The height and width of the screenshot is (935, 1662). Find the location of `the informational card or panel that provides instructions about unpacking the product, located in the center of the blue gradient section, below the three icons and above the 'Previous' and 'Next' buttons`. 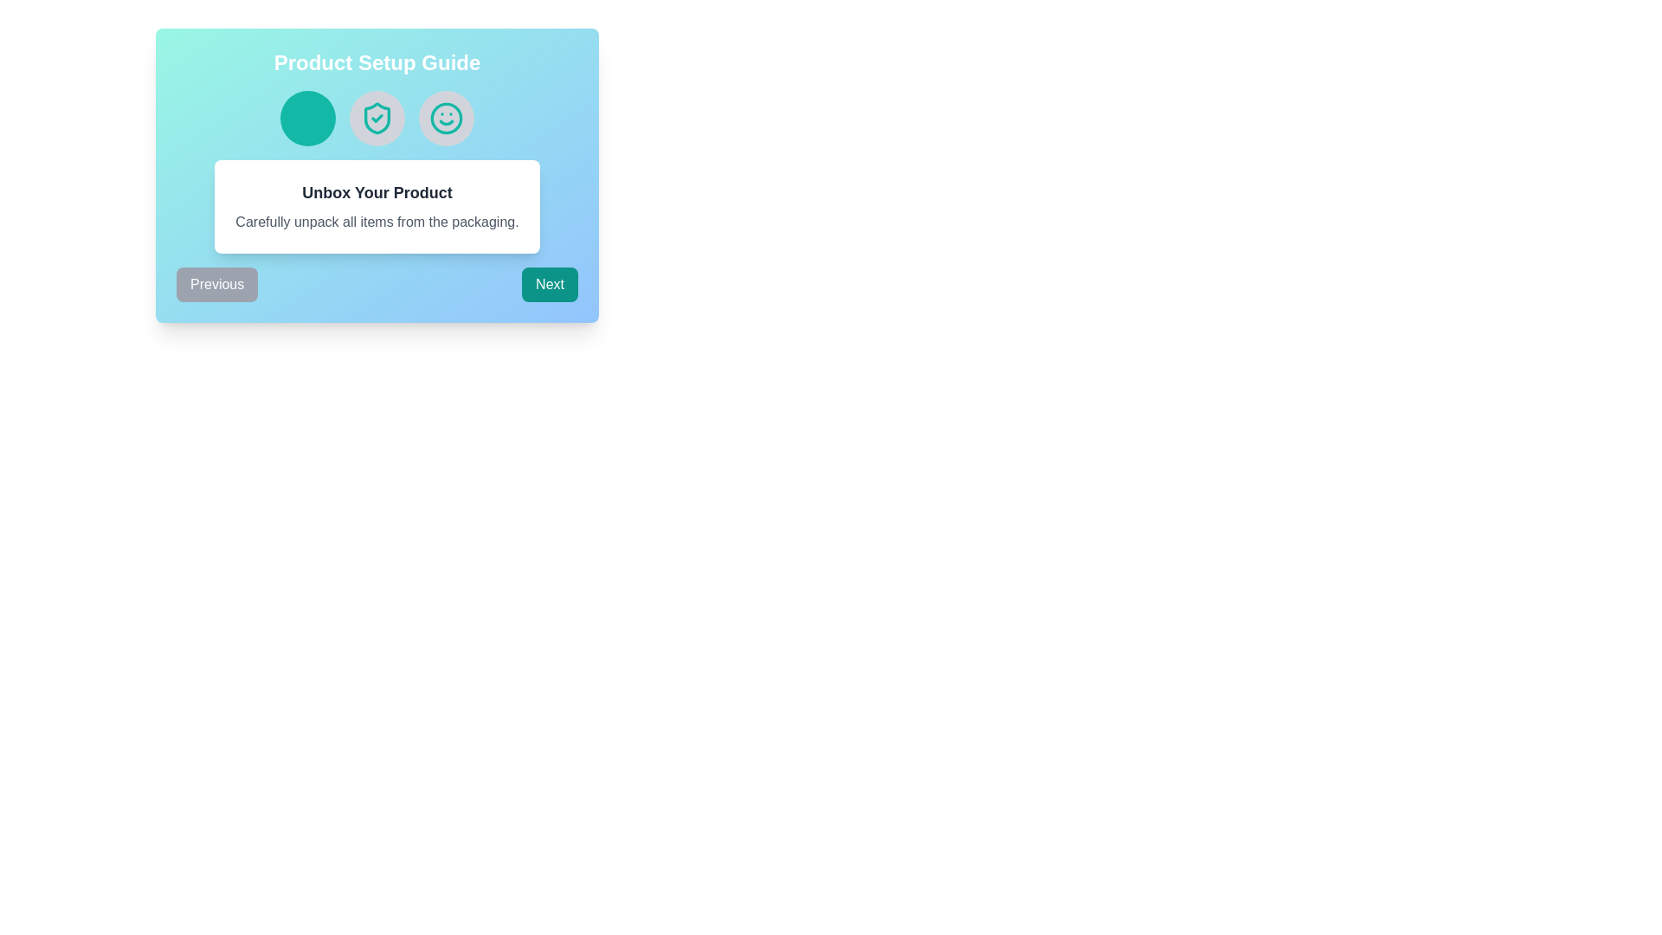

the informational card or panel that provides instructions about unpacking the product, located in the center of the blue gradient section, below the three icons and above the 'Previous' and 'Next' buttons is located at coordinates (377, 206).